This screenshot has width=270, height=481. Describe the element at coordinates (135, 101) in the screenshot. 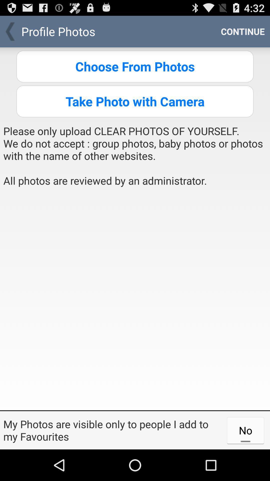

I see `the icon above the please only upload` at that location.